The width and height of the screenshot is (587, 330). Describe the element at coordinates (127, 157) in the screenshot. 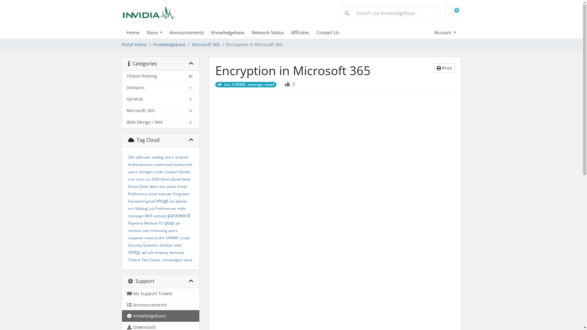

I see `'2FA'` at that location.